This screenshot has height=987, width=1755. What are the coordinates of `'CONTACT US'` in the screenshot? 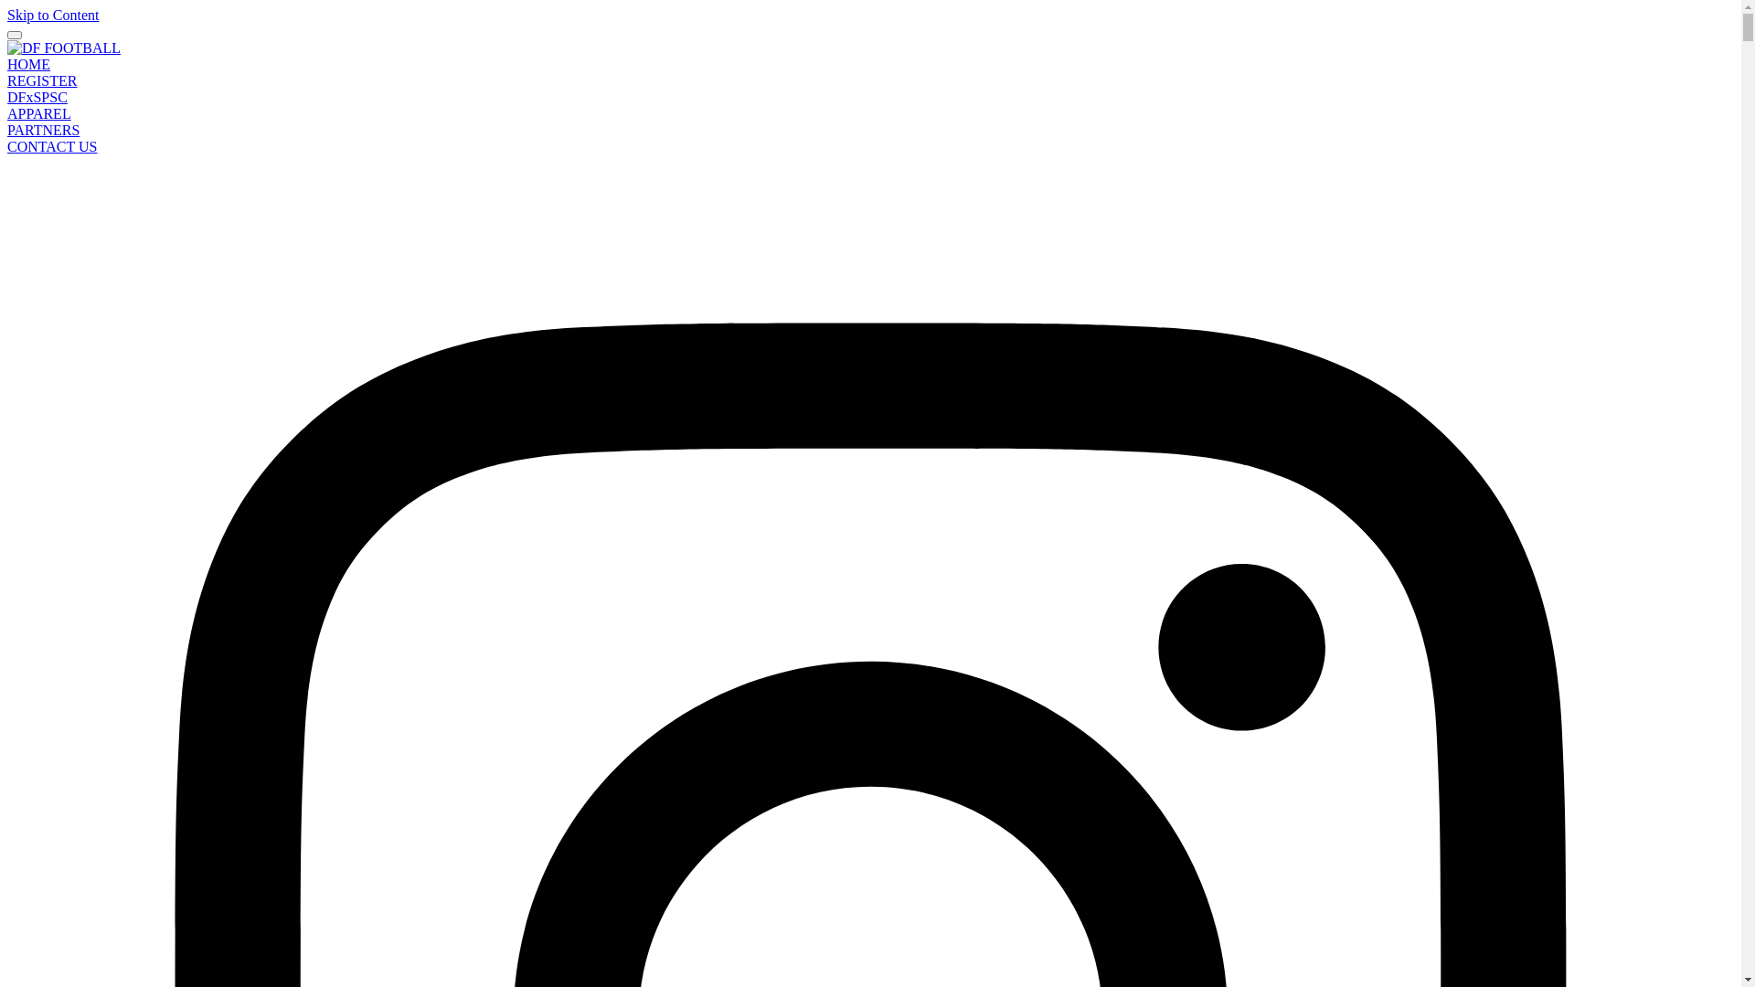 It's located at (7, 145).